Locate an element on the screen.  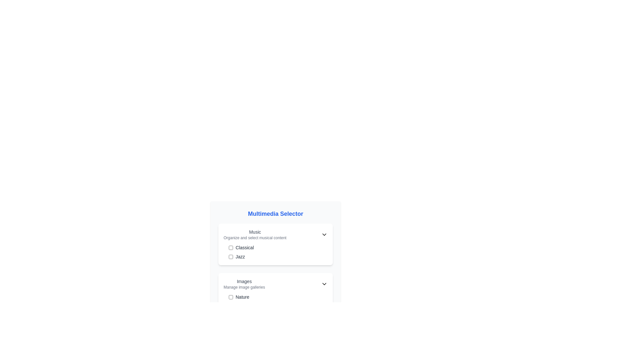
the downward-pointing chevron icon (caret symbol) in the 'Images' section next to 'Manage image galleries' is located at coordinates (324, 284).